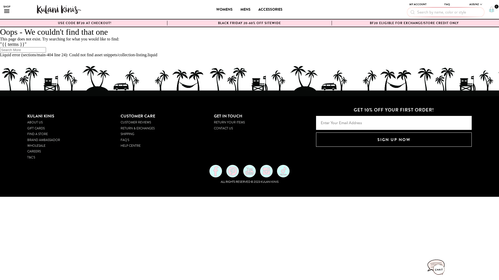 This screenshot has height=280, width=499. What do you see at coordinates (27, 151) in the screenshot?
I see `'CAREERS'` at bounding box center [27, 151].